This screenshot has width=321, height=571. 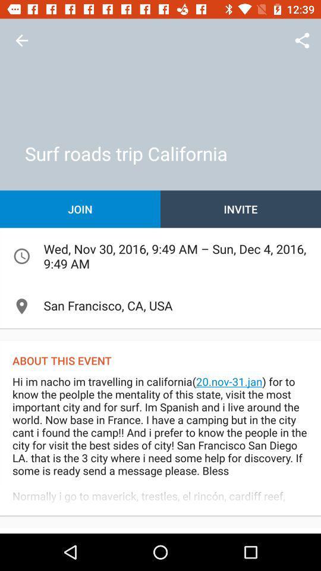 I want to click on item above the invite item, so click(x=302, y=40).